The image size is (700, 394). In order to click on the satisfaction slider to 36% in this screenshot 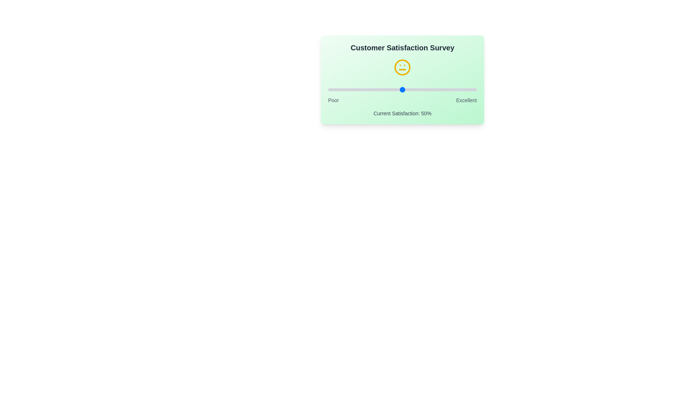, I will do `click(381, 89)`.